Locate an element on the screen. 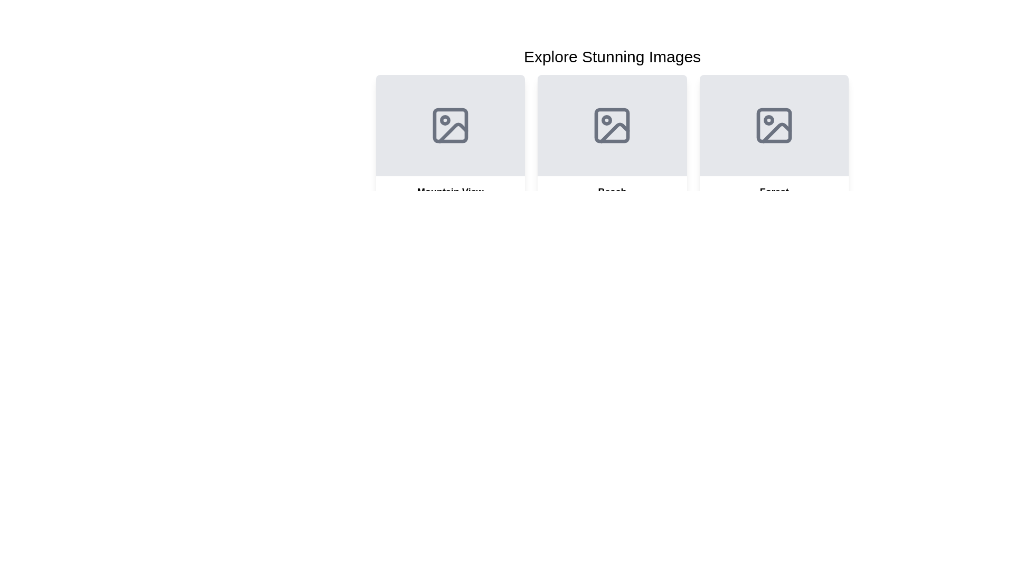 The height and width of the screenshot is (570, 1014). the icon placeholder located in the middle card under the label 'Beach' to interact or select it is located at coordinates (612, 125).